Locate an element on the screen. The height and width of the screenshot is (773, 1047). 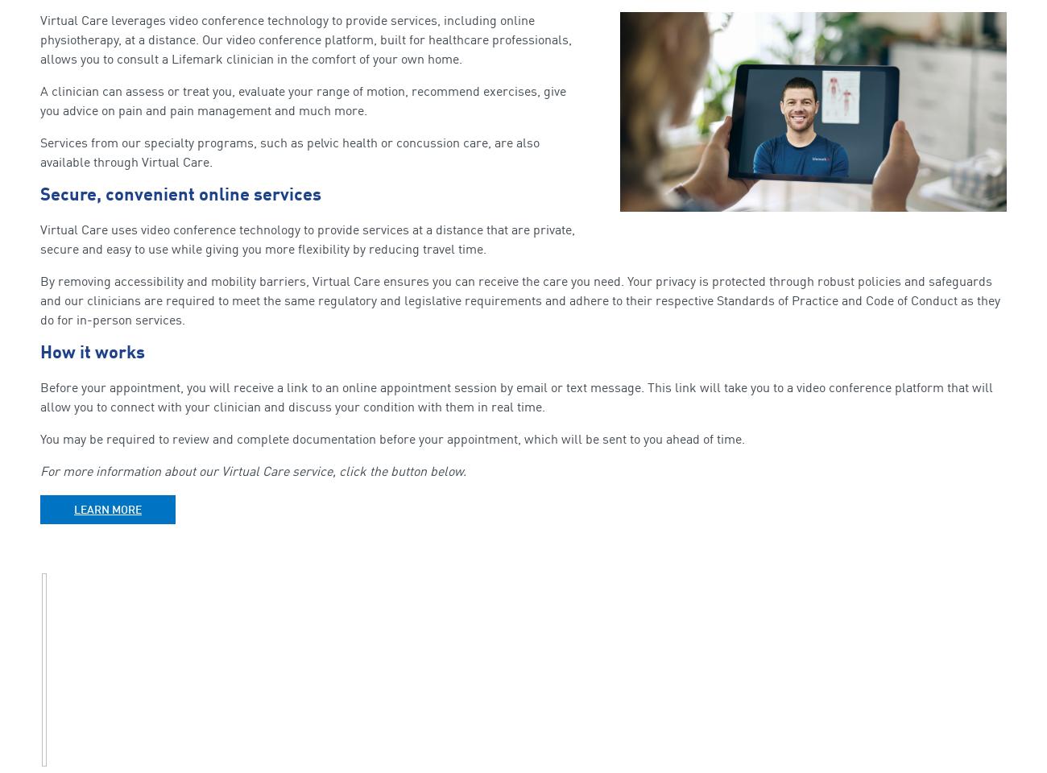
'Learn more' is located at coordinates (107, 509).